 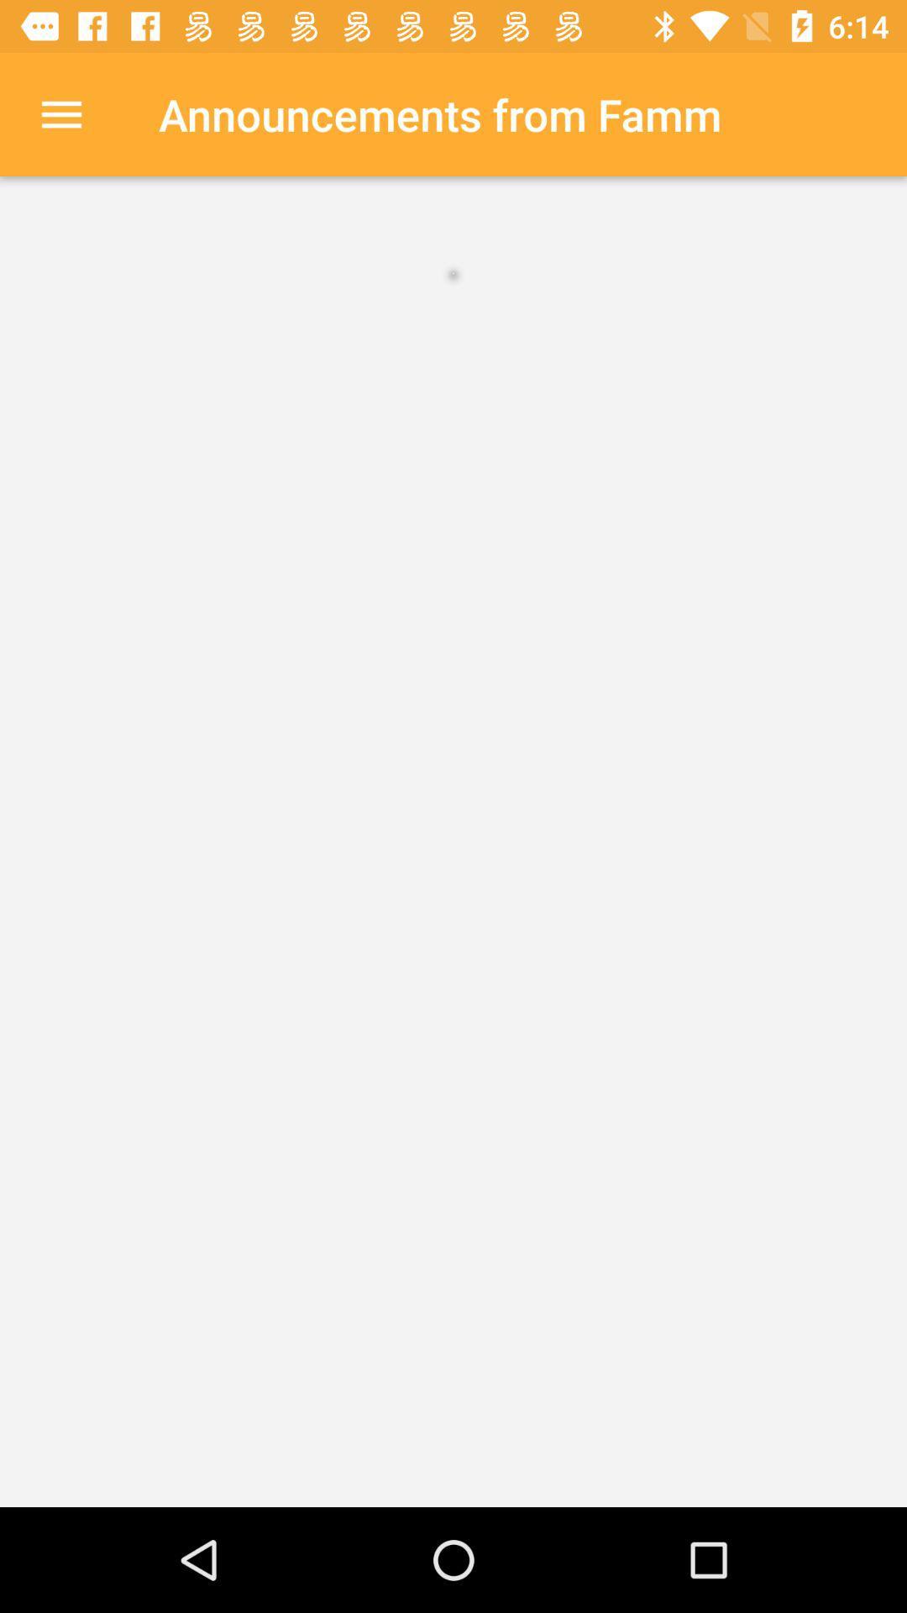 What do you see at coordinates (60, 113) in the screenshot?
I see `item at the top left corner` at bounding box center [60, 113].